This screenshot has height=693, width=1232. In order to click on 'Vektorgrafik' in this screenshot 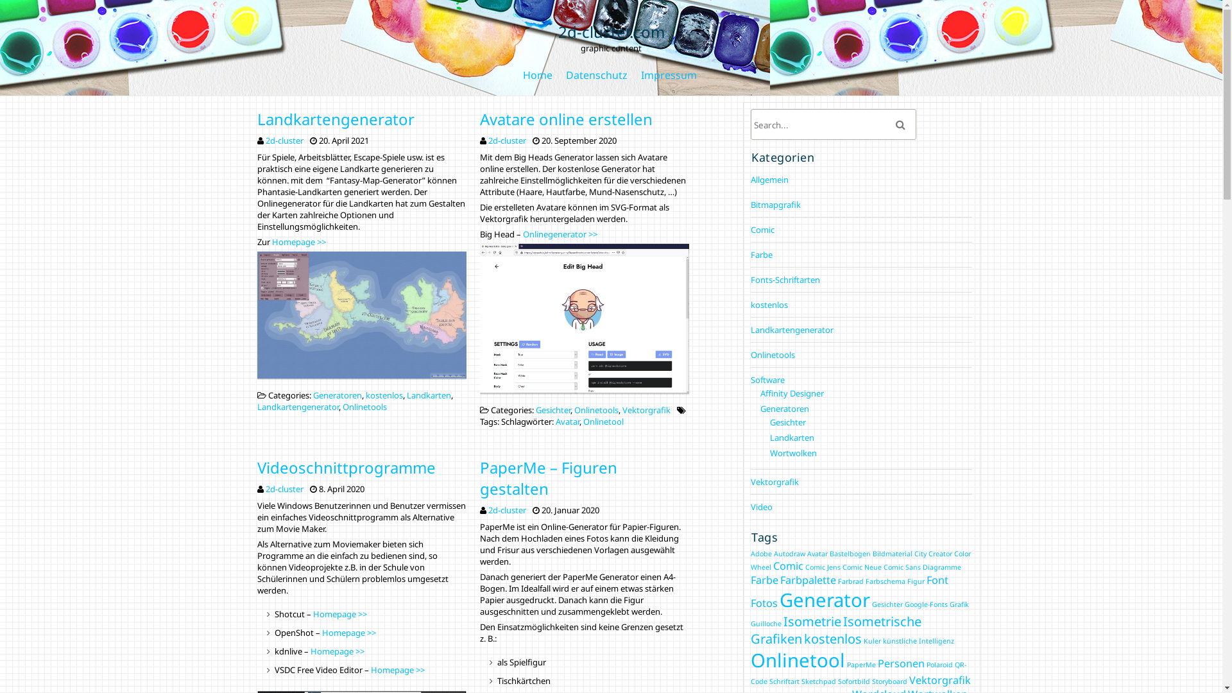, I will do `click(774, 482)`.